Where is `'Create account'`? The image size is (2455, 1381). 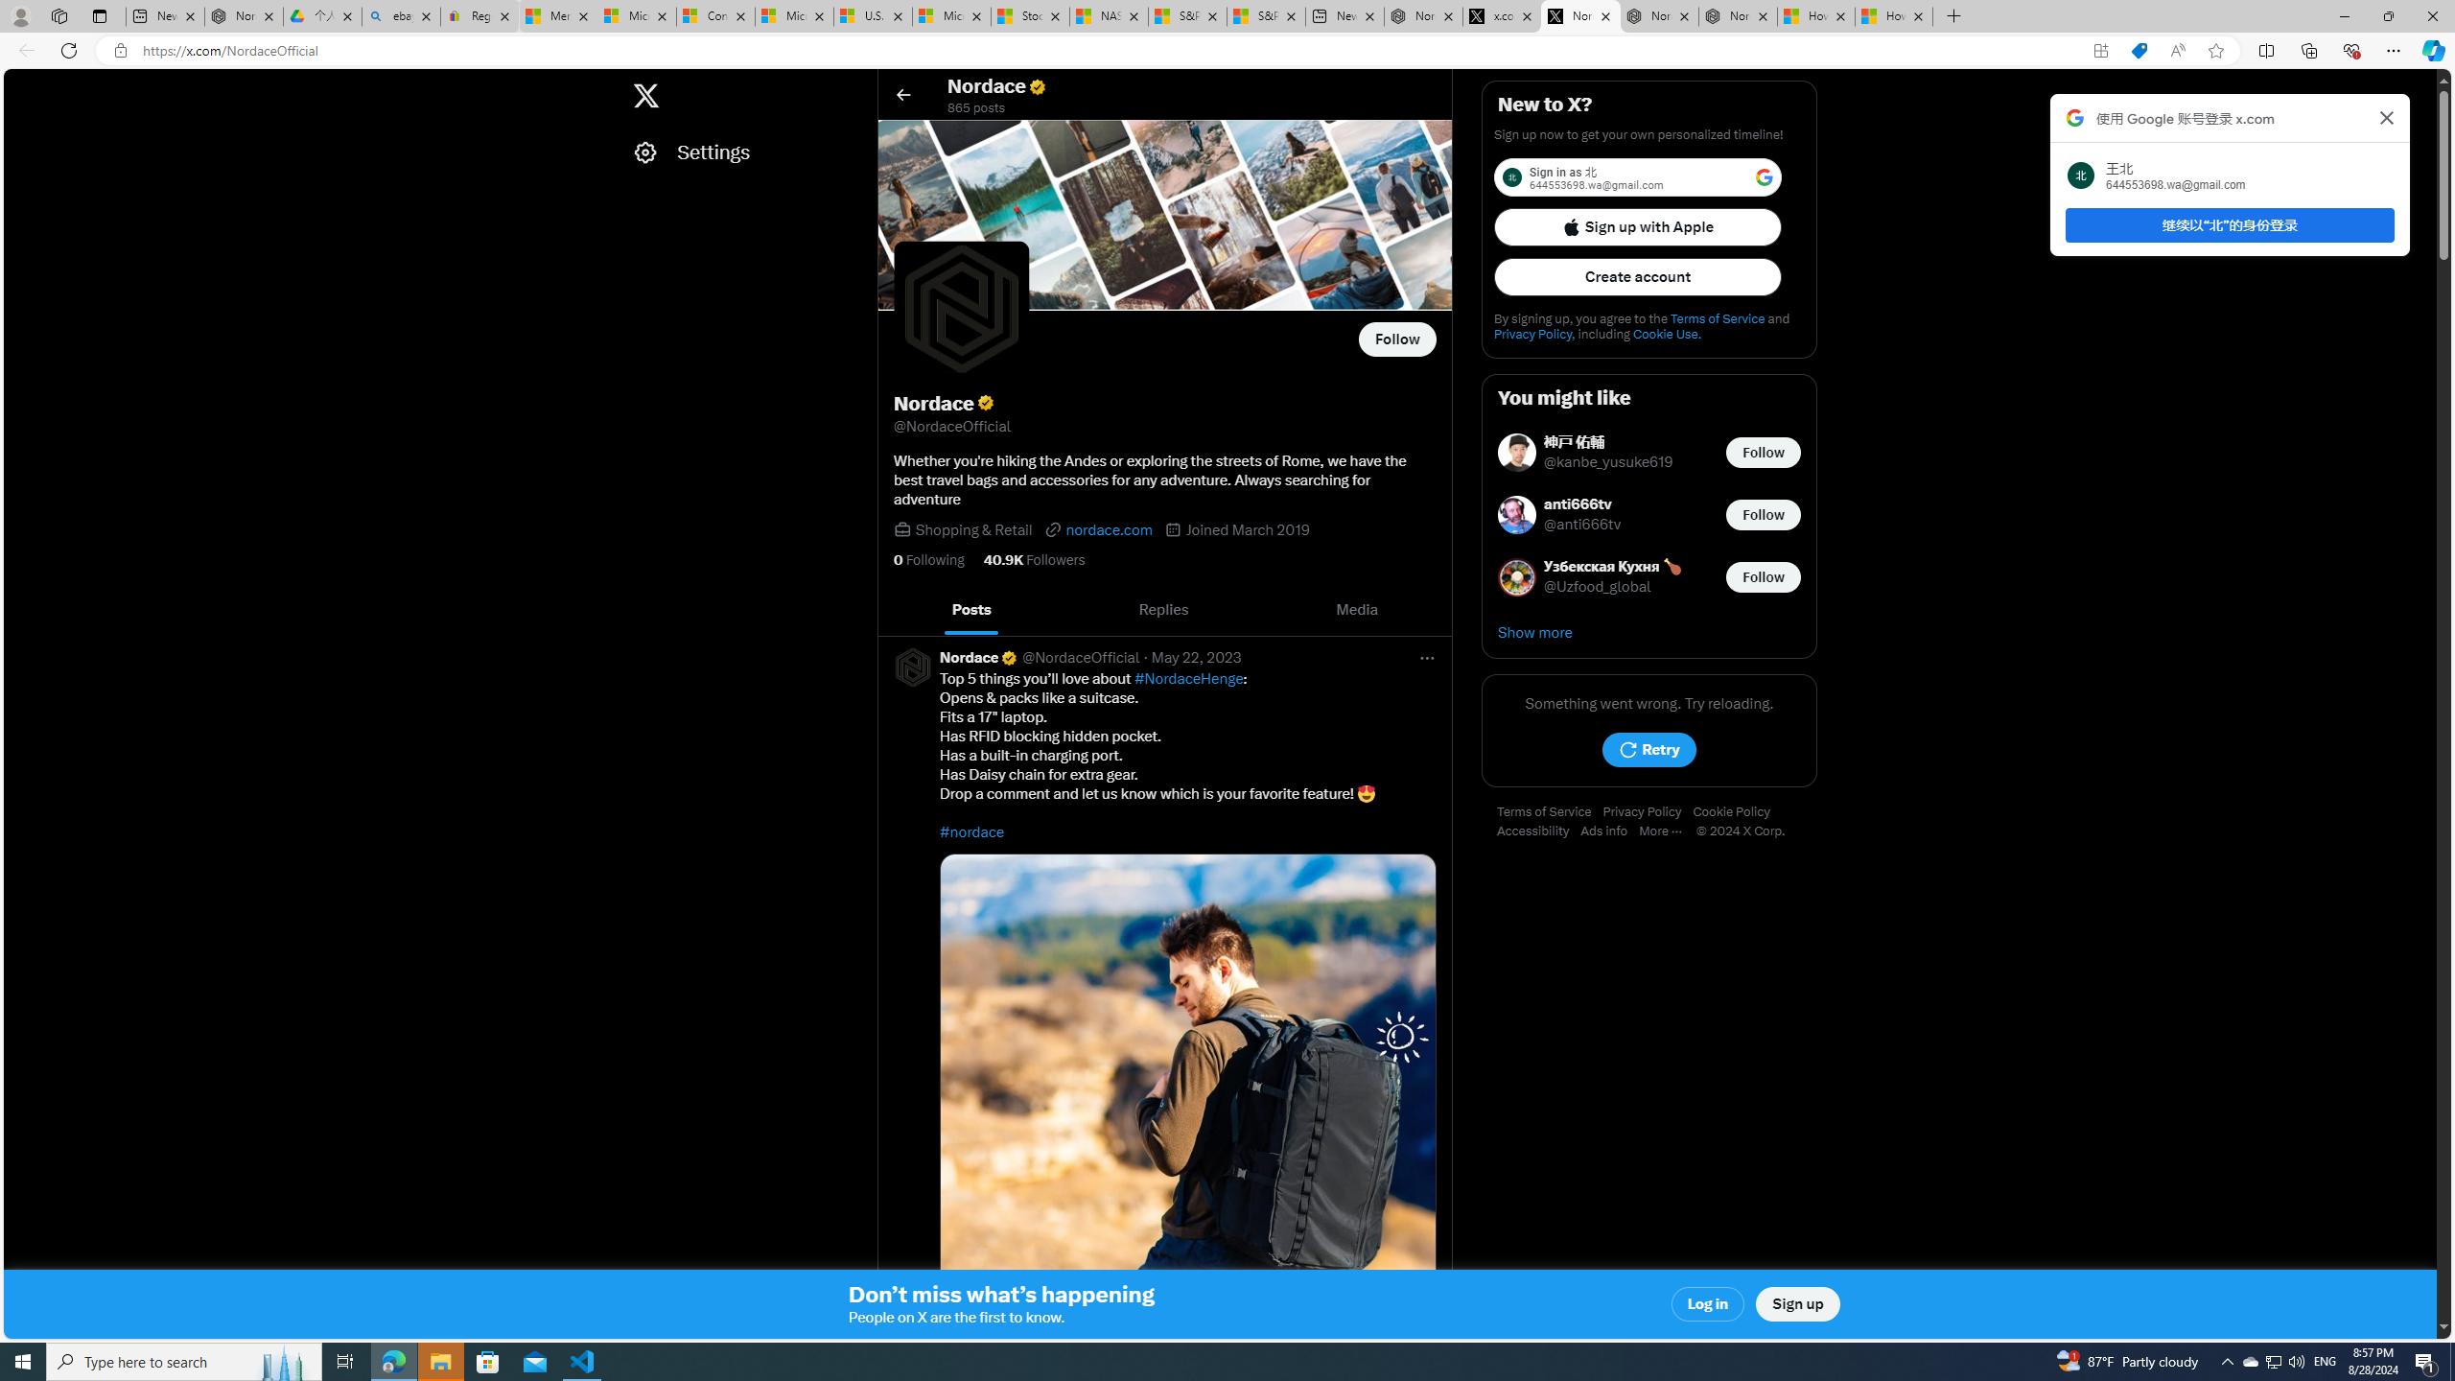
'Create account' is located at coordinates (1638, 276).